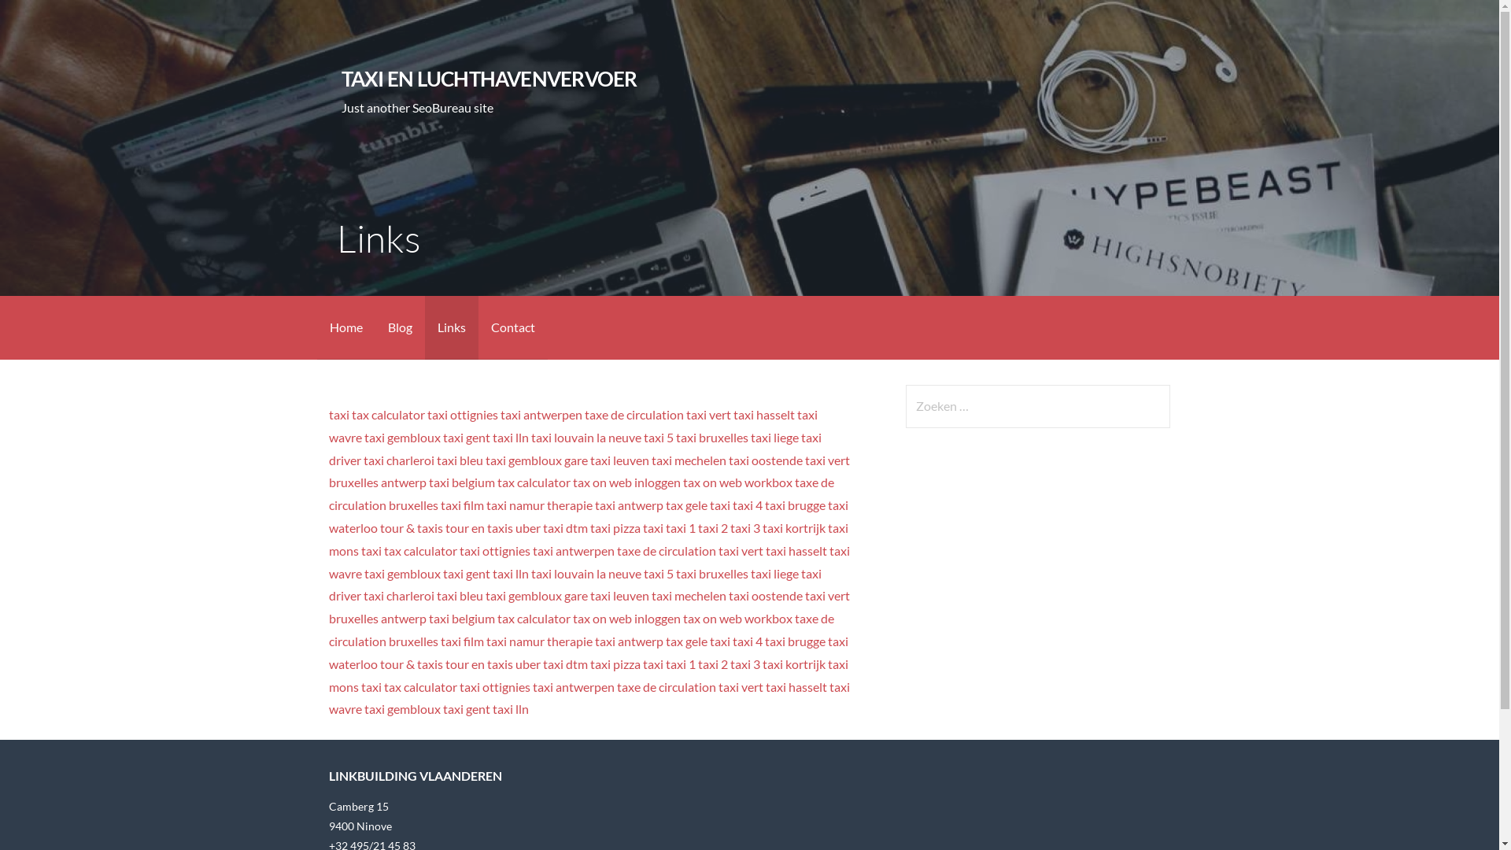 The image size is (1511, 850). Describe the element at coordinates (589, 460) in the screenshot. I see `'taxi leuven'` at that location.